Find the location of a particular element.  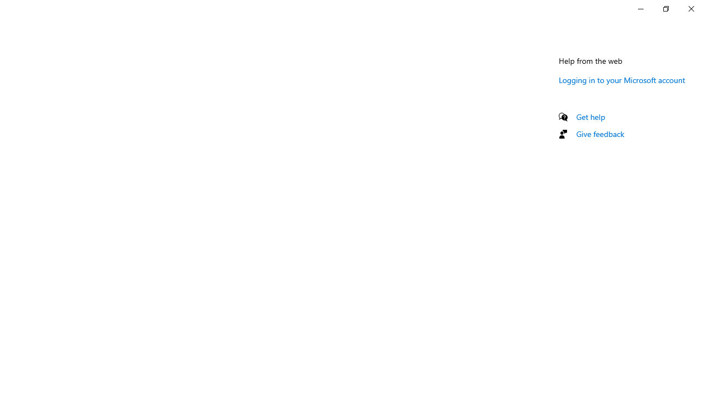

'Restore Settings' is located at coordinates (665, 8).